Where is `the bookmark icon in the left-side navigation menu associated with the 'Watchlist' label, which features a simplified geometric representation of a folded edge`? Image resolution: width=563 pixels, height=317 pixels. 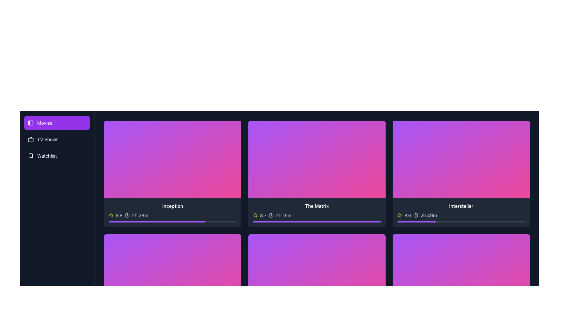 the bookmark icon in the left-side navigation menu associated with the 'Watchlist' label, which features a simplified geometric representation of a folded edge is located at coordinates (30, 156).